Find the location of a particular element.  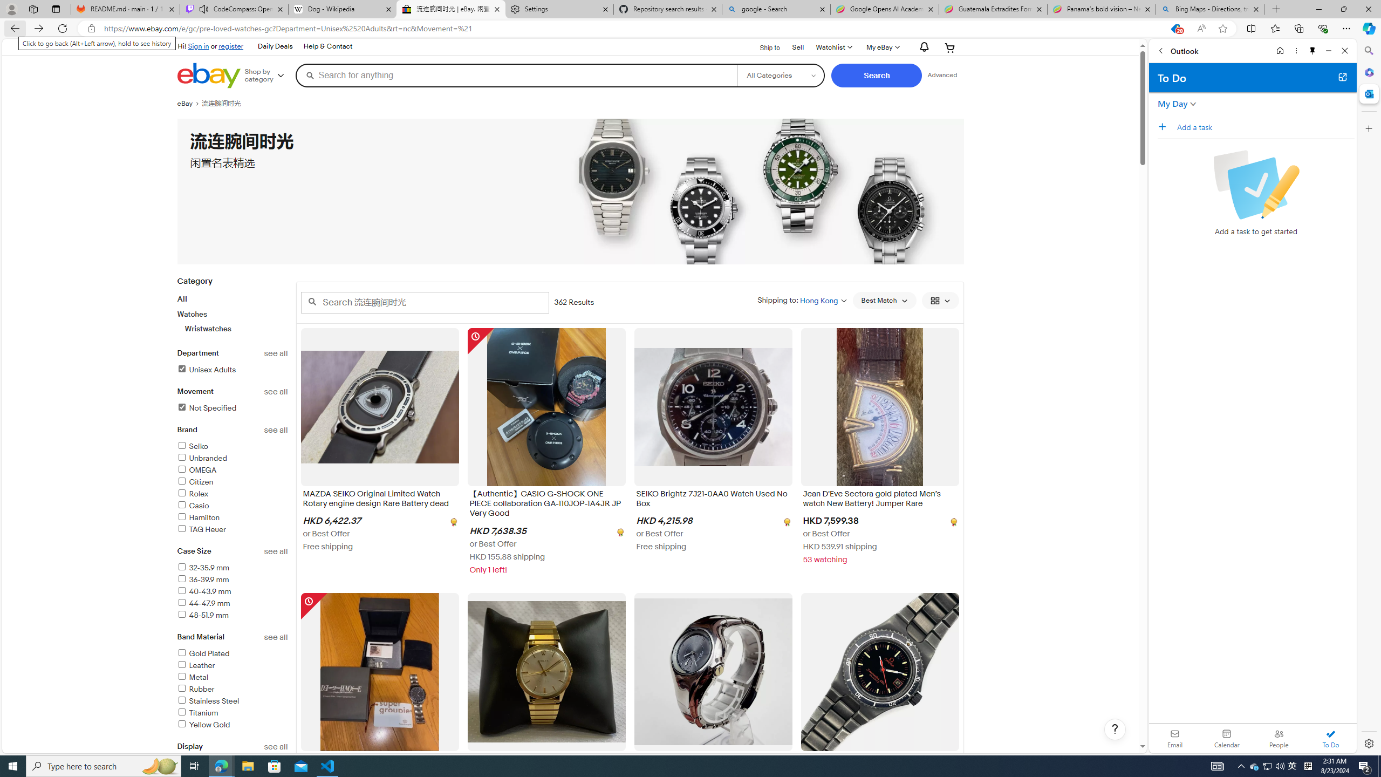

'Email' is located at coordinates (1174, 738).